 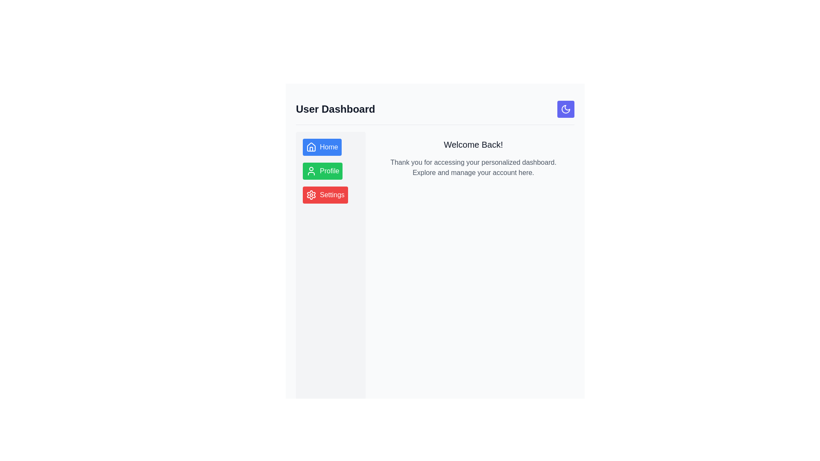 What do you see at coordinates (325, 195) in the screenshot?
I see `the settings button located in the left-hand sidebar, which is the third button in a vertical series` at bounding box center [325, 195].